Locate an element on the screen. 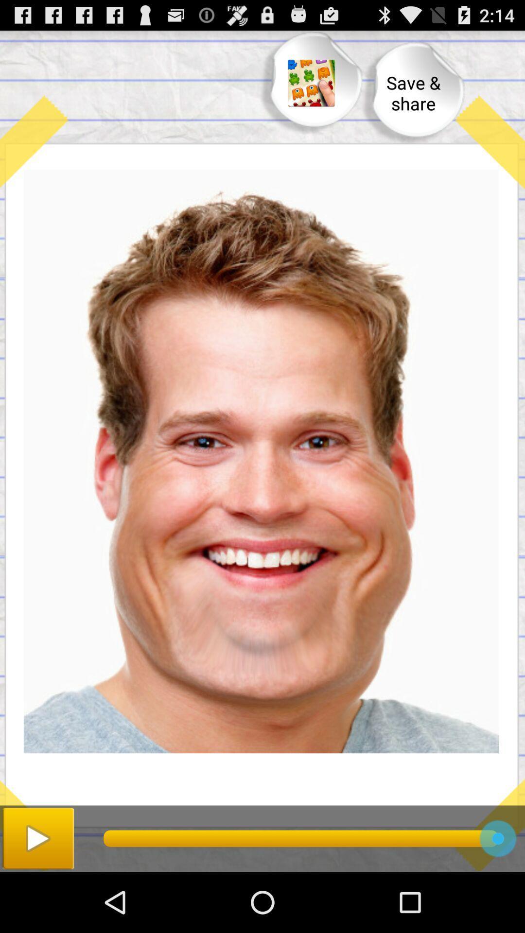  the play icon is located at coordinates (37, 897).